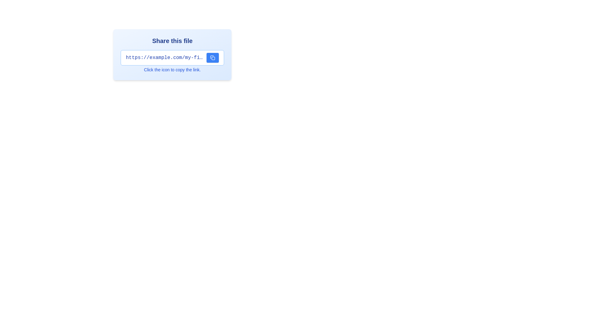  Describe the element at coordinates (213, 58) in the screenshot. I see `the small blue button with rounded corners and a document icon, located to the right of the text input field displaying a URL` at that location.